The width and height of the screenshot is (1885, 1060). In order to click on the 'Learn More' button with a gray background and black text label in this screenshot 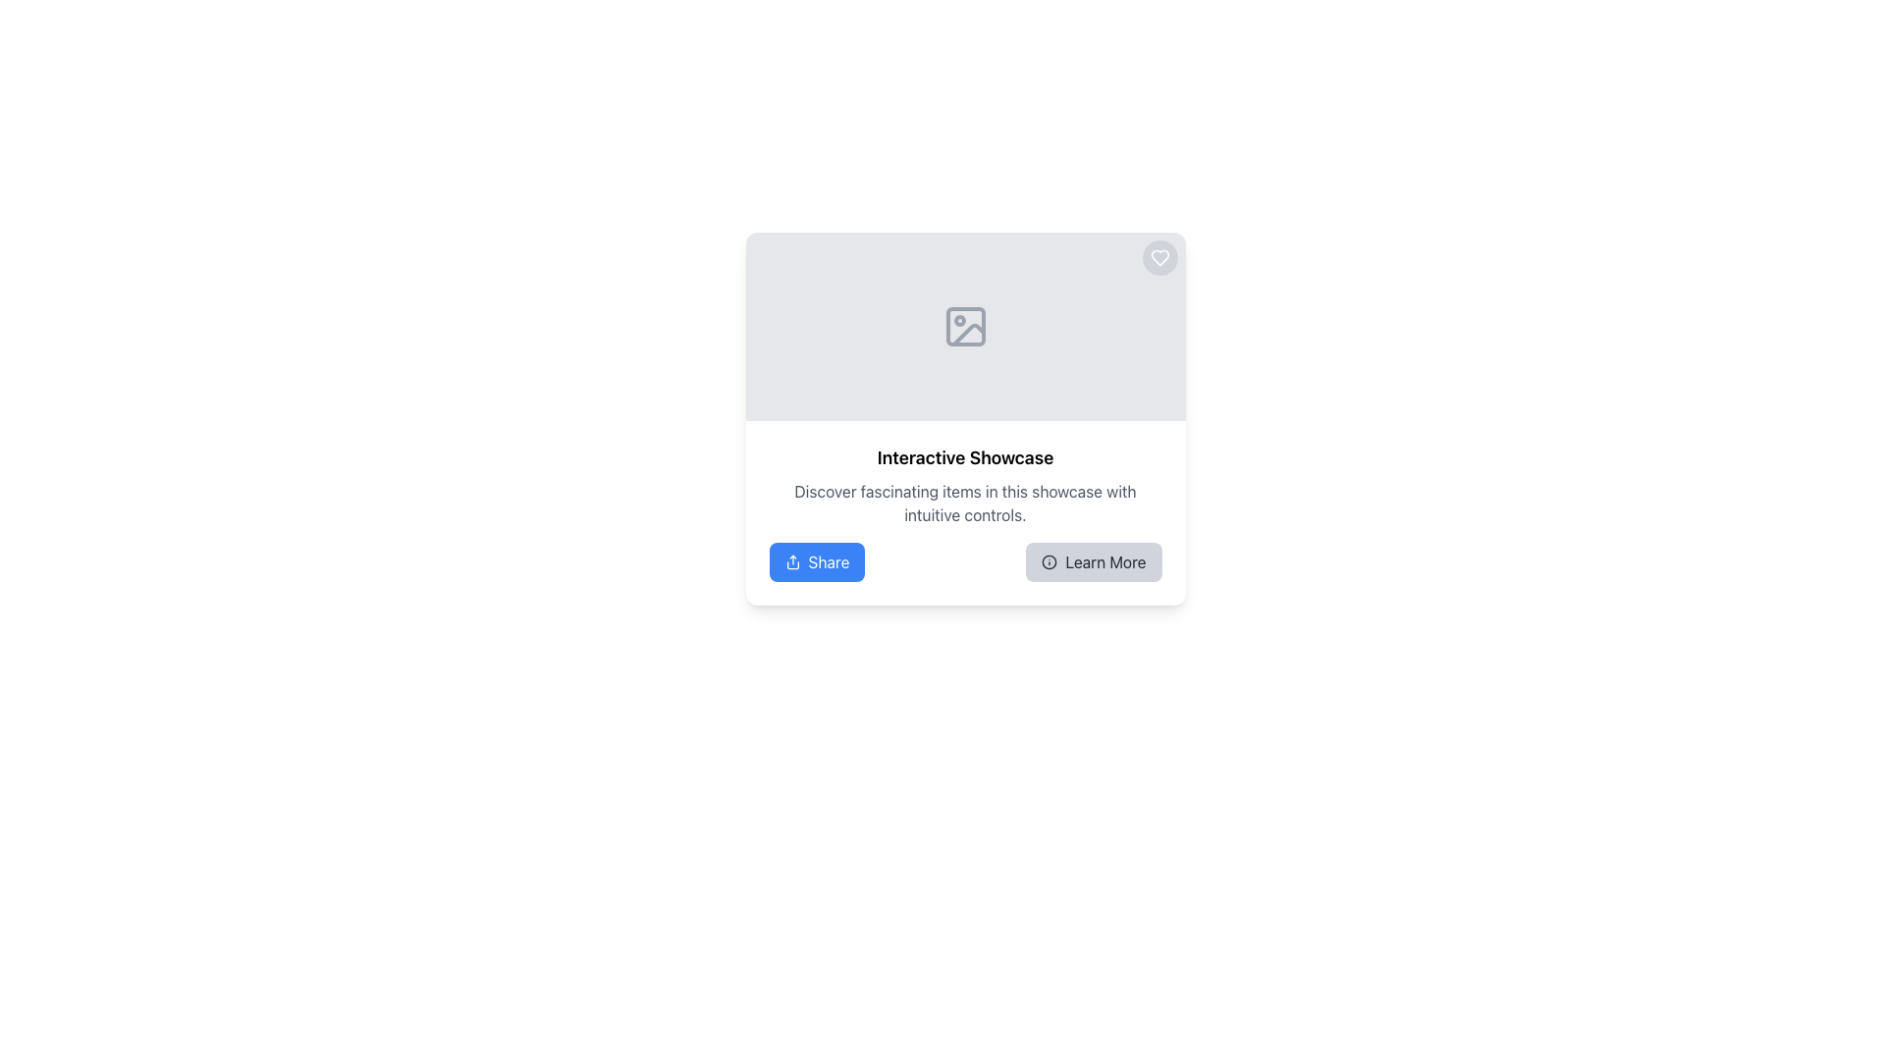, I will do `click(1093, 562)`.